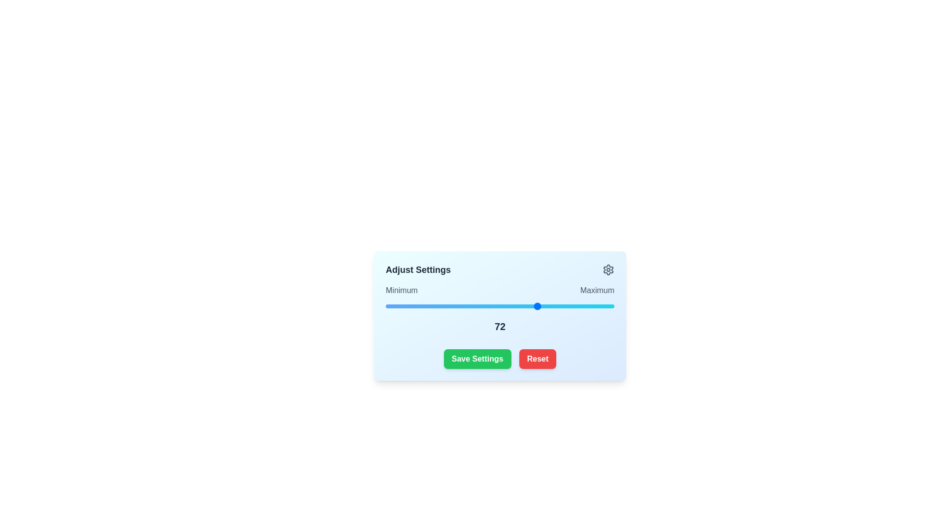  I want to click on the slider to set its value to 21, so click(402, 305).